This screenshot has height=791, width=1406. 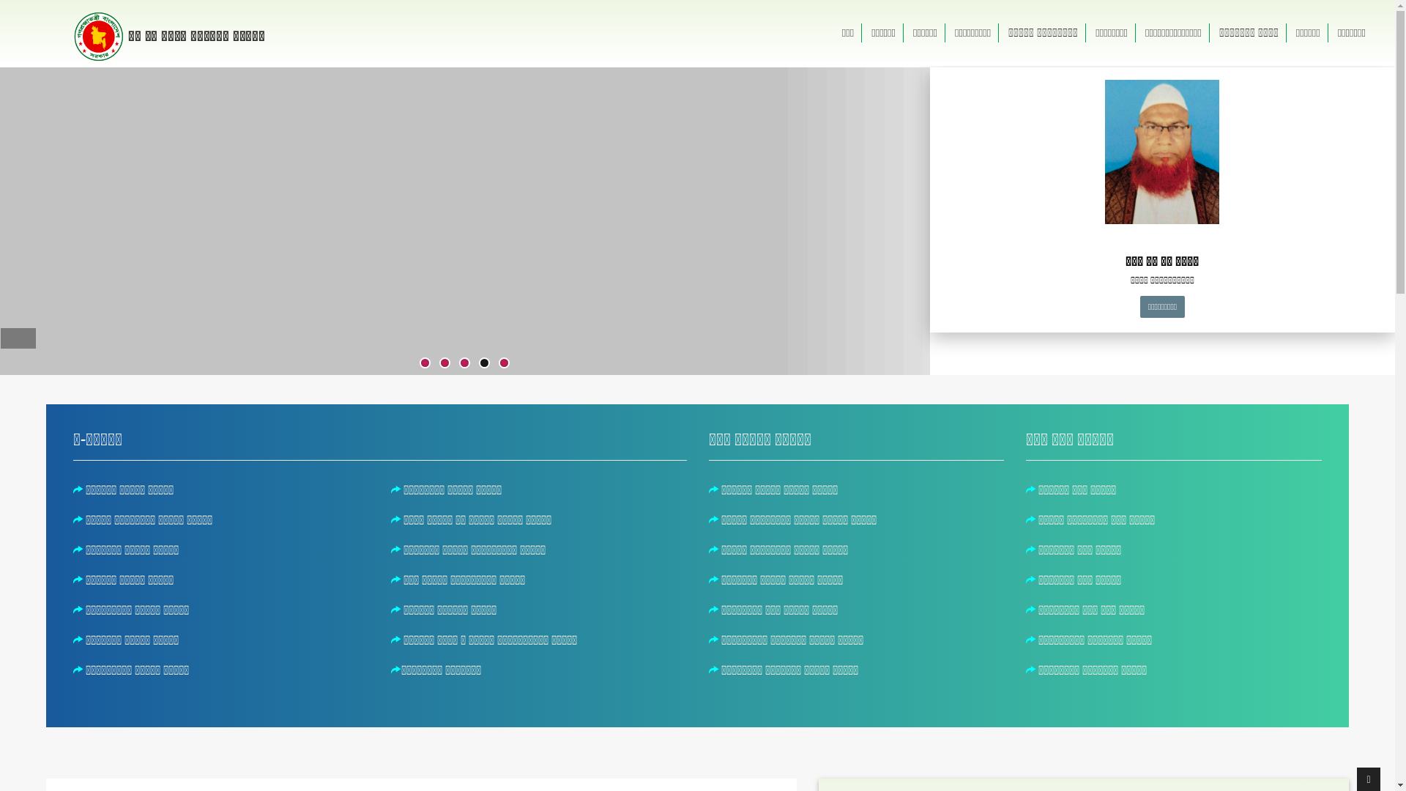 I want to click on '5', so click(x=504, y=363).